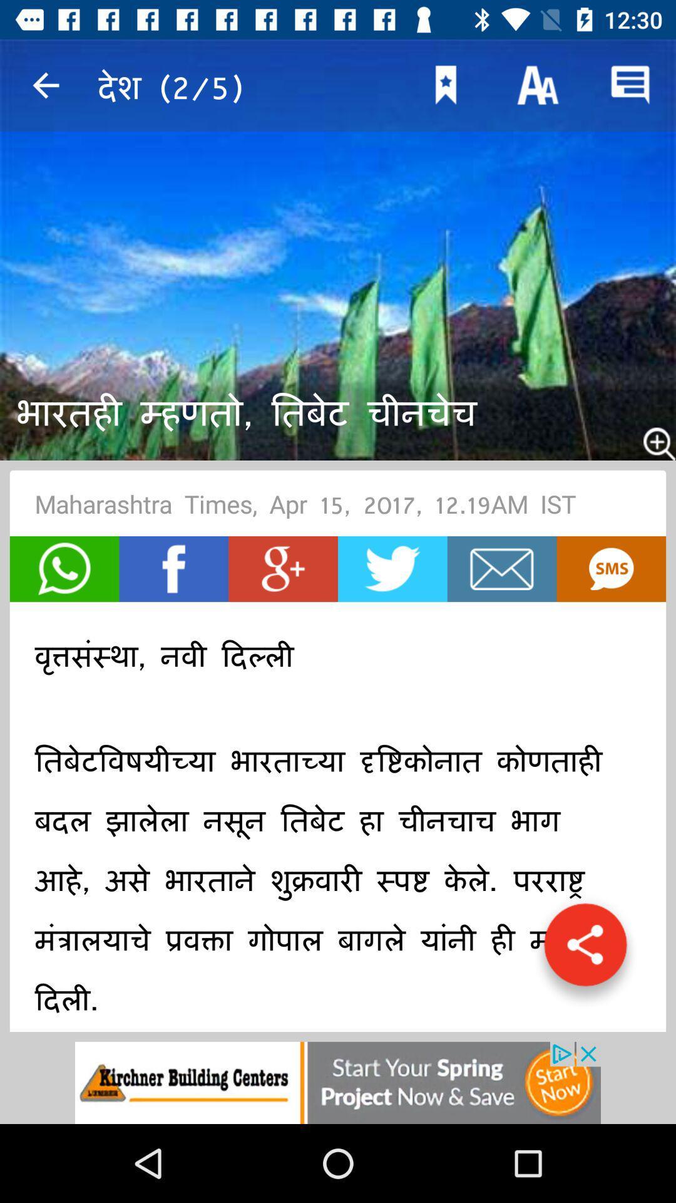 The width and height of the screenshot is (676, 1203). What do you see at coordinates (45, 85) in the screenshot?
I see `previous` at bounding box center [45, 85].